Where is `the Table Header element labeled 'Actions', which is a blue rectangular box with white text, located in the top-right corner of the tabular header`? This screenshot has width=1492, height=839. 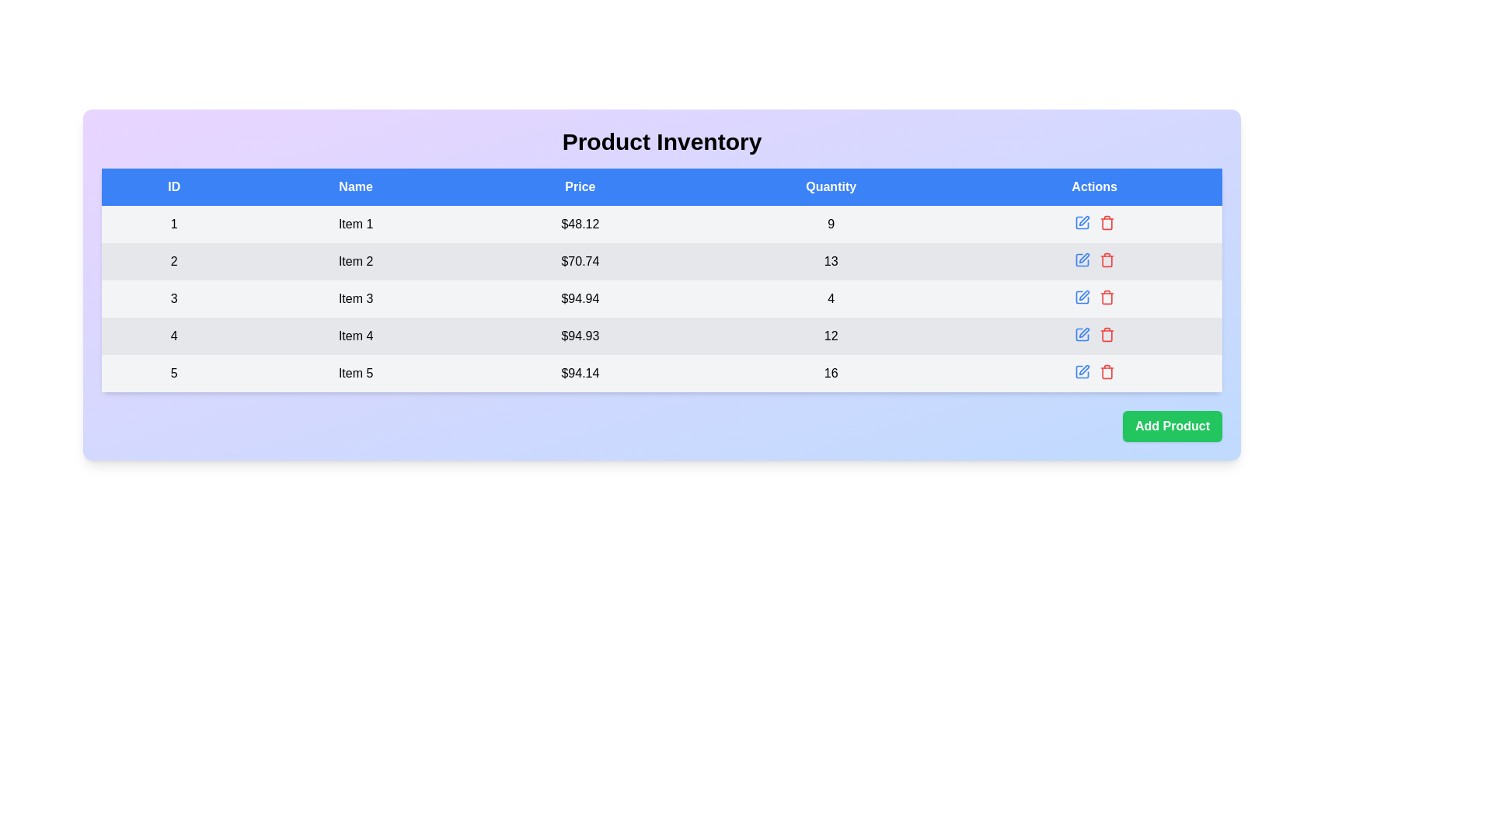 the Table Header element labeled 'Actions', which is a blue rectangular box with white text, located in the top-right corner of the tabular header is located at coordinates (1093, 186).